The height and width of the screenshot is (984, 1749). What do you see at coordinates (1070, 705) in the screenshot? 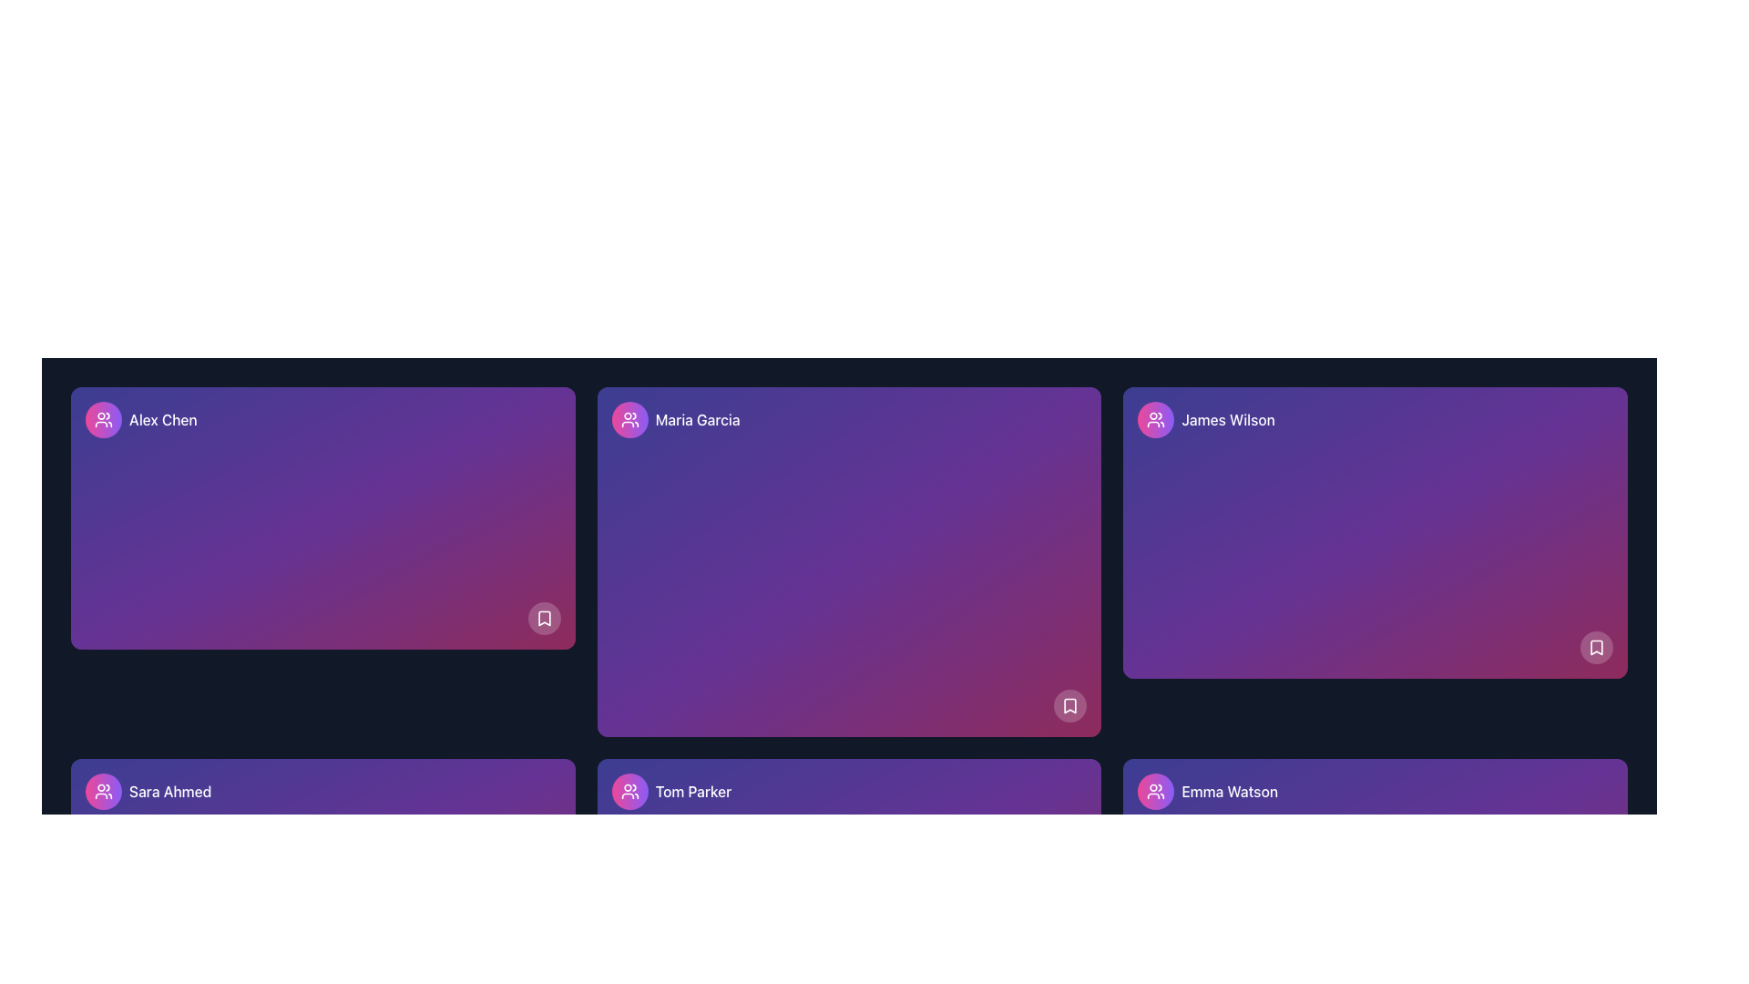
I see `the bookmark icon button located at the bottom-right corner of the user profile card labeled 'Maria Garcia'` at bounding box center [1070, 705].